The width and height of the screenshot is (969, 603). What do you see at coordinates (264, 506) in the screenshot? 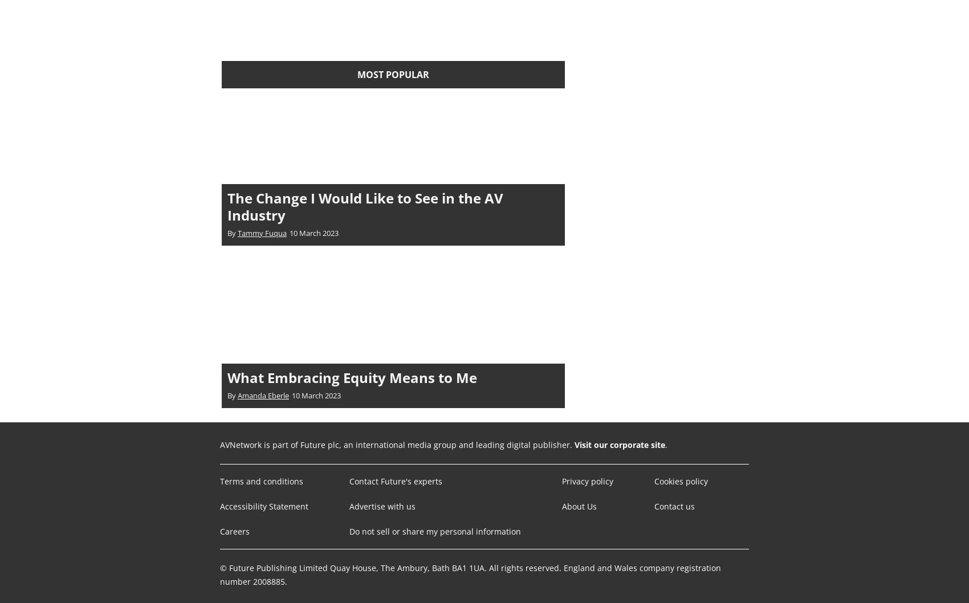
I see `'Accessibility Statement'` at bounding box center [264, 506].